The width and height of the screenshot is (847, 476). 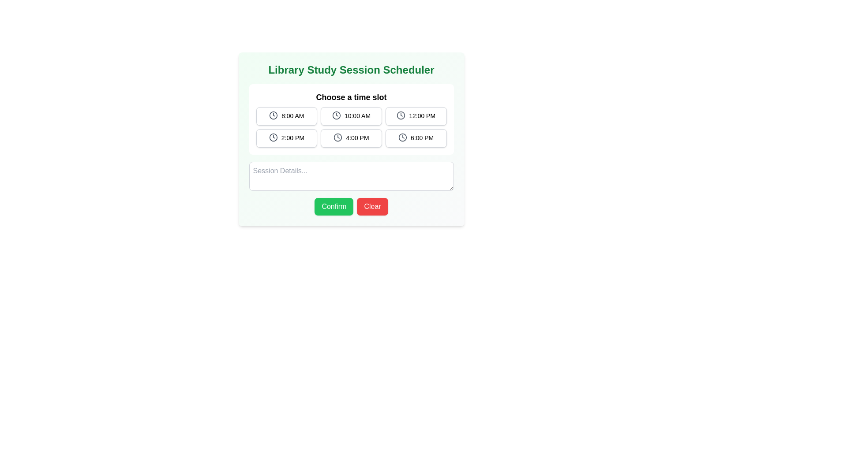 I want to click on the clock icon associated with the '2:00 PM' time slot by clicking on it, so click(x=273, y=138).